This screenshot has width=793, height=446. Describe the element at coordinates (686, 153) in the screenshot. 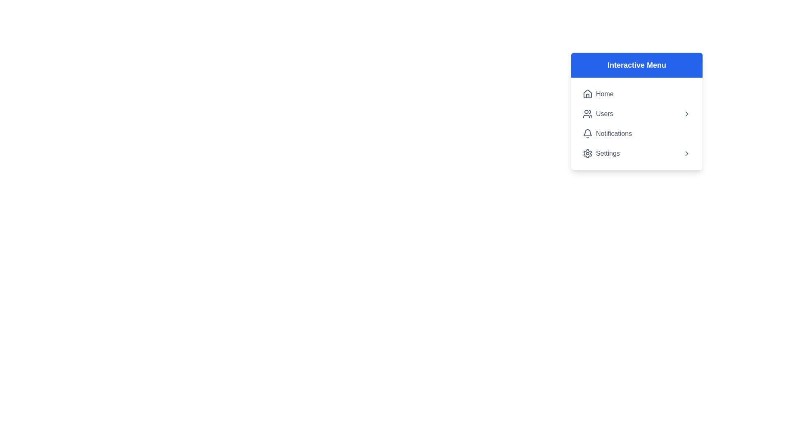

I see `the chevron icon at the far right side of the 'Settings' menu item` at that location.